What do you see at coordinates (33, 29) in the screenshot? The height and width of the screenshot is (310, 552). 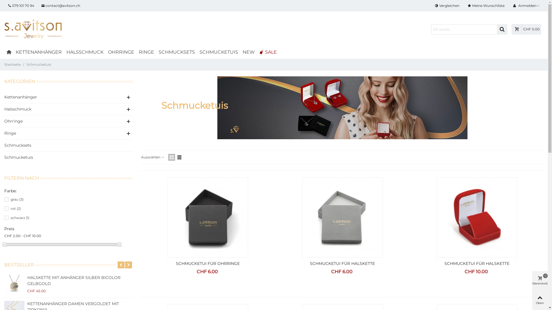 I see `'avitson.ch'` at bounding box center [33, 29].